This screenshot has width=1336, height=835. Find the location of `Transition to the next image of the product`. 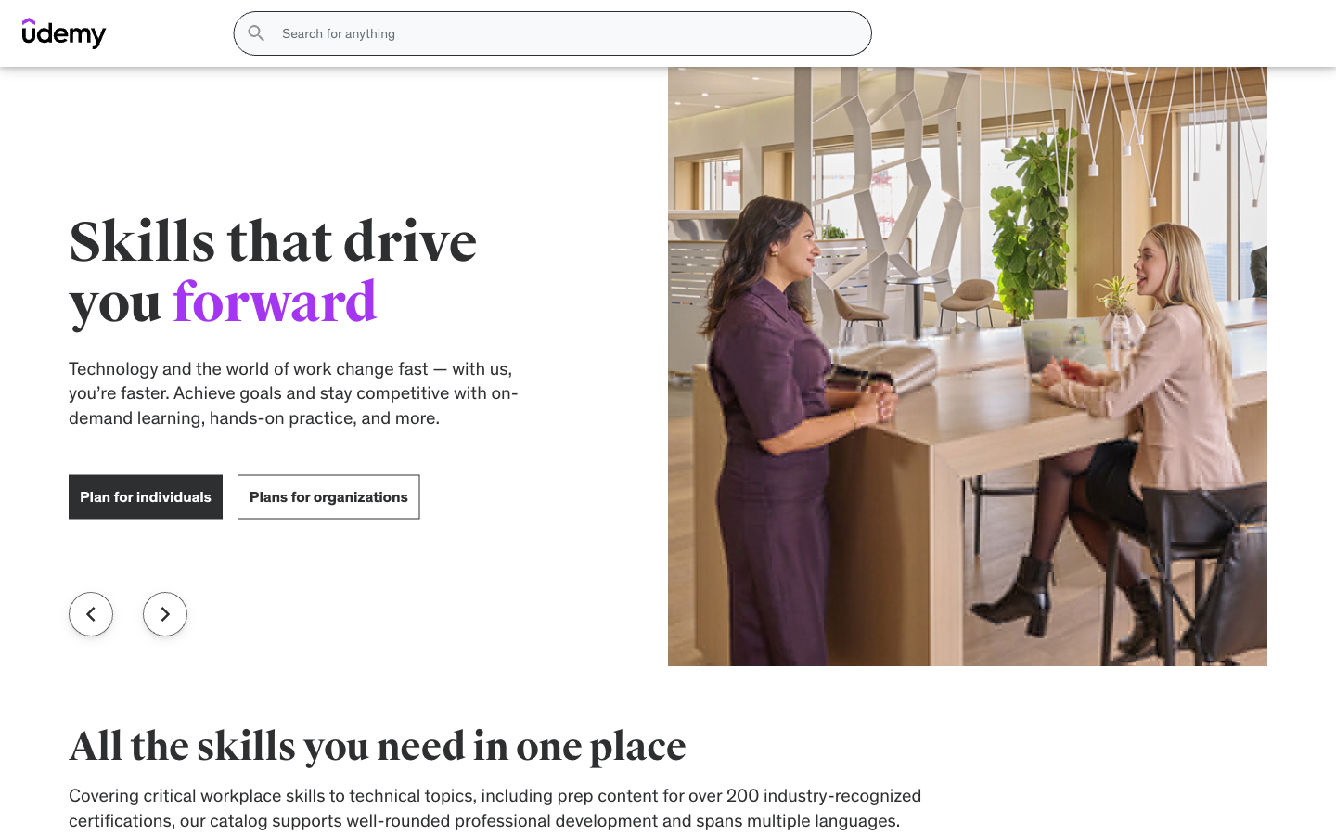

Transition to the next image of the product is located at coordinates (784, 477).